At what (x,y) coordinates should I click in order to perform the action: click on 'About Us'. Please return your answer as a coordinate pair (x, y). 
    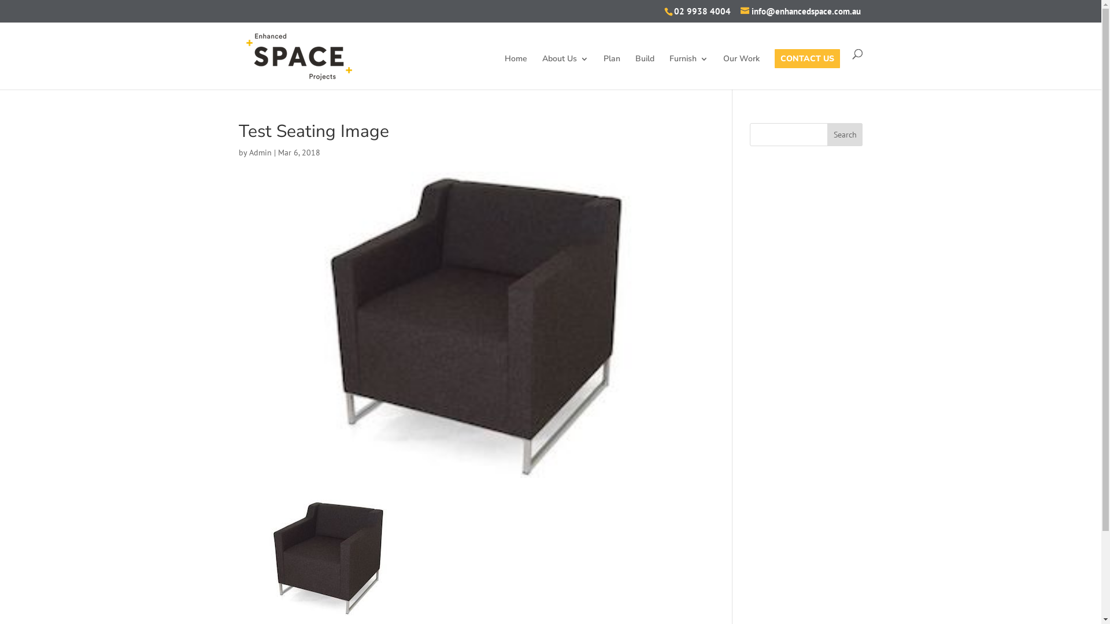
    Looking at the image, I should click on (565, 71).